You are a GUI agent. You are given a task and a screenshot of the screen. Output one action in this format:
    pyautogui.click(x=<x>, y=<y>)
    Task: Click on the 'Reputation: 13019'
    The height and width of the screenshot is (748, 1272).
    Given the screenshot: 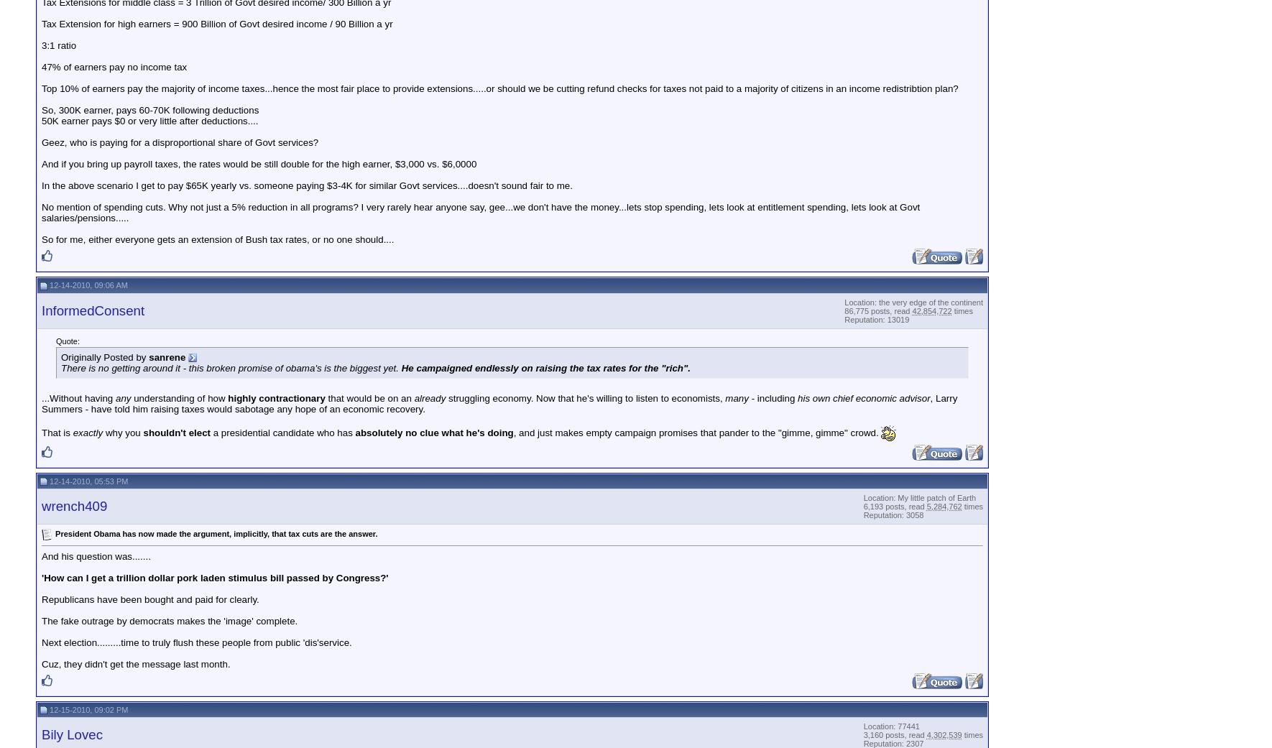 What is the action you would take?
    pyautogui.click(x=876, y=318)
    